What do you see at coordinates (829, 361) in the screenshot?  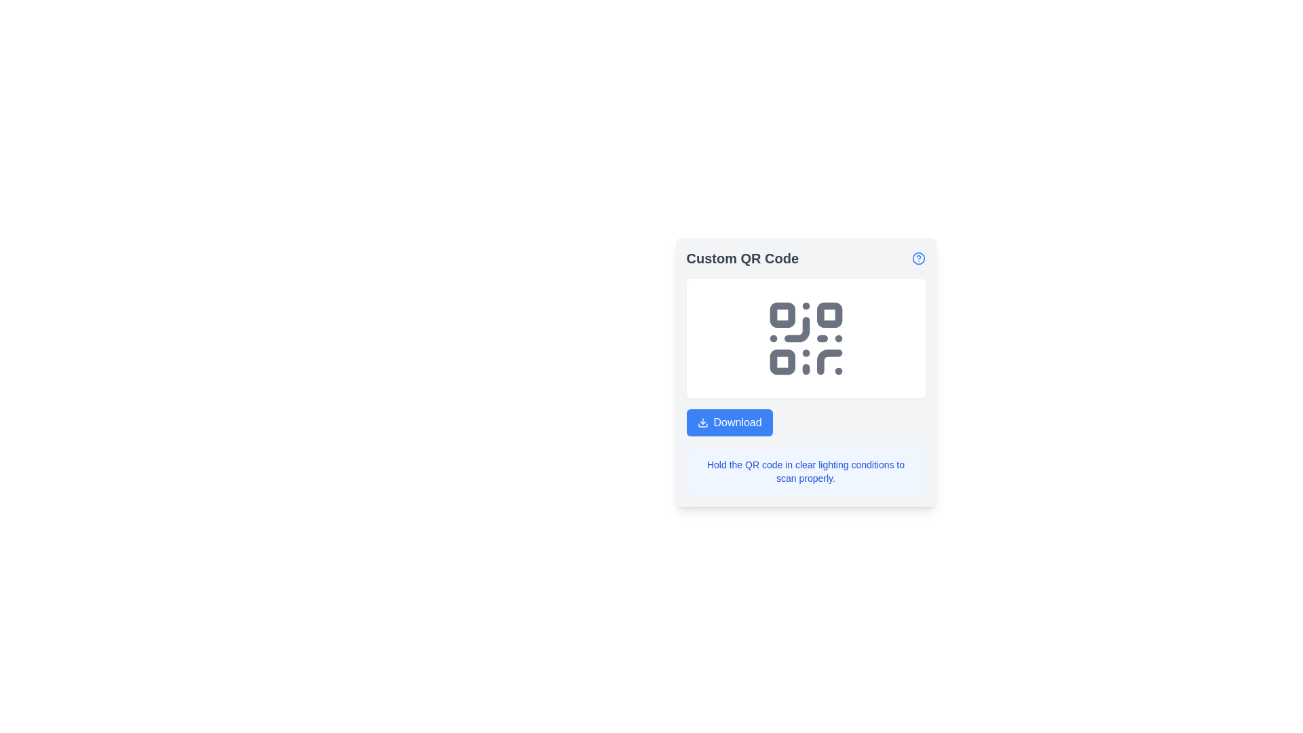 I see `the small part of the graphical QR code representation located in the bottom-right corner of the QR code area` at bounding box center [829, 361].